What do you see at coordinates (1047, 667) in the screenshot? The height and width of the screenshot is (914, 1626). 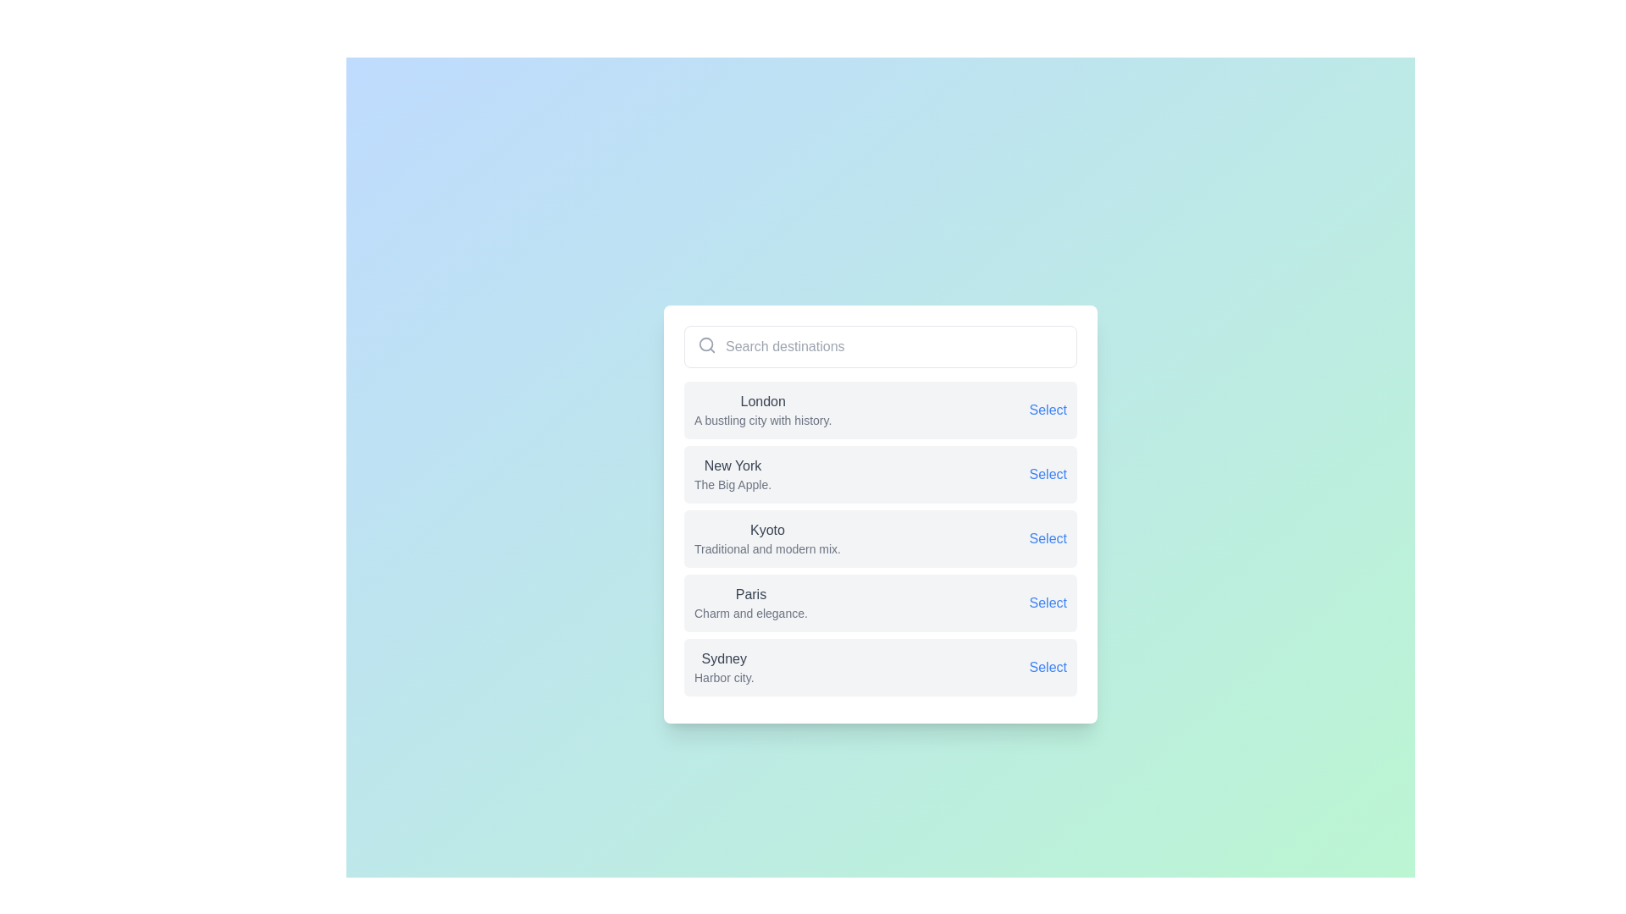 I see `the button located at the right end of the list item corresponding to 'Sydney'` at bounding box center [1047, 667].